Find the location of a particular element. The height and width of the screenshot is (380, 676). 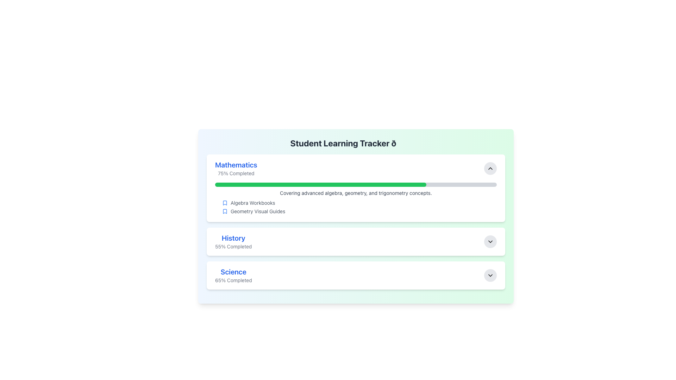

the static text element that displays the completion percentage for the 'Science' module, located at the bottom of the 'Science' card is located at coordinates (233, 280).